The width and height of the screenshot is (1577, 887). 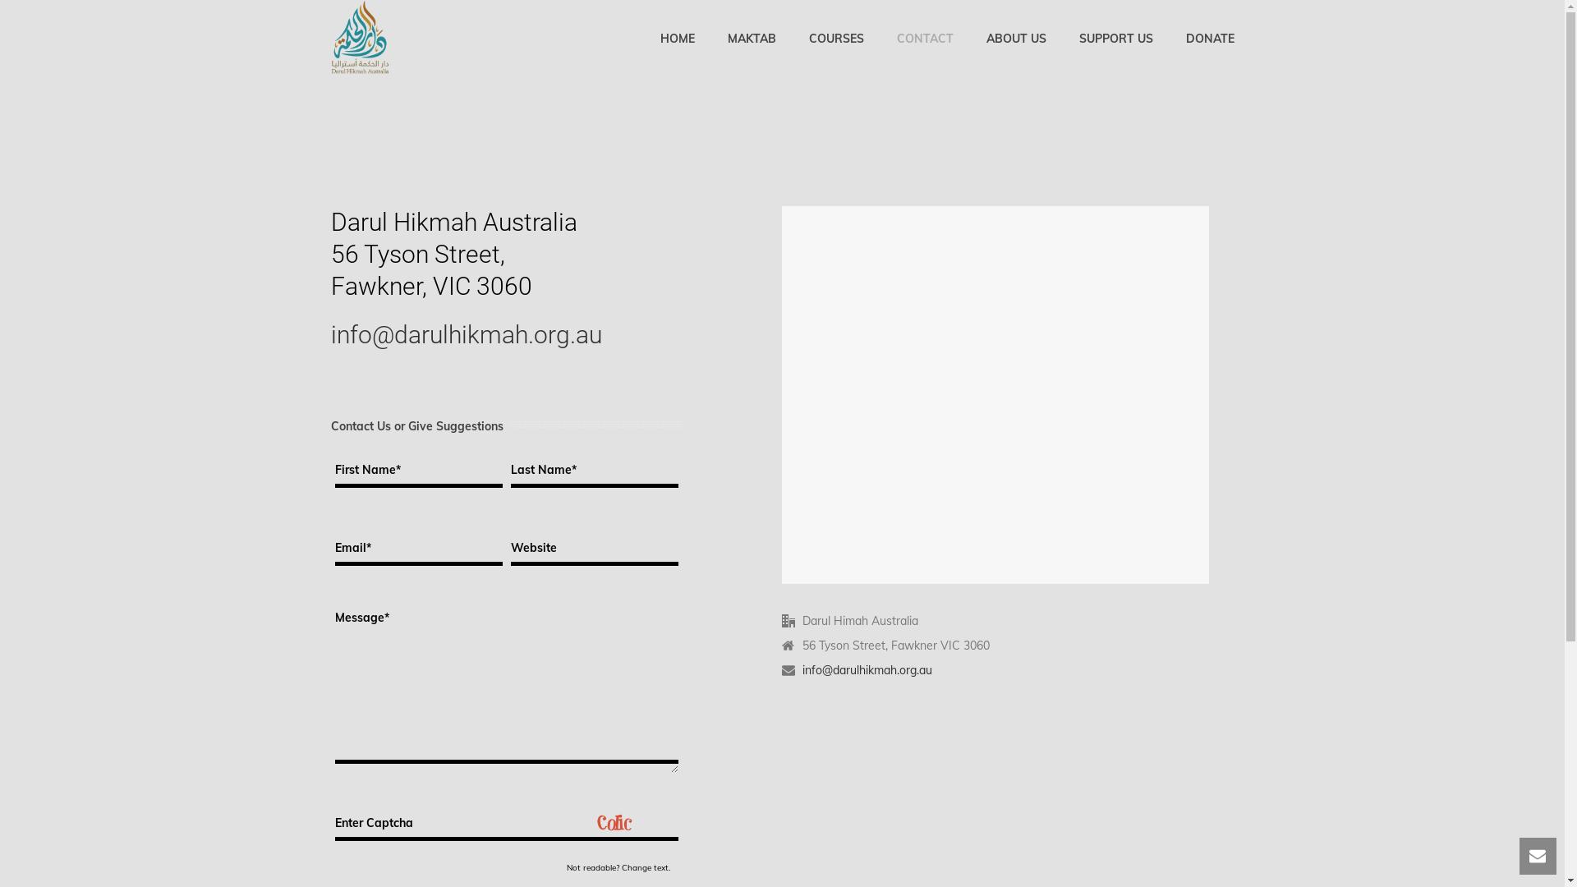 I want to click on 'info@darulhikmah.org.au', so click(x=867, y=670).